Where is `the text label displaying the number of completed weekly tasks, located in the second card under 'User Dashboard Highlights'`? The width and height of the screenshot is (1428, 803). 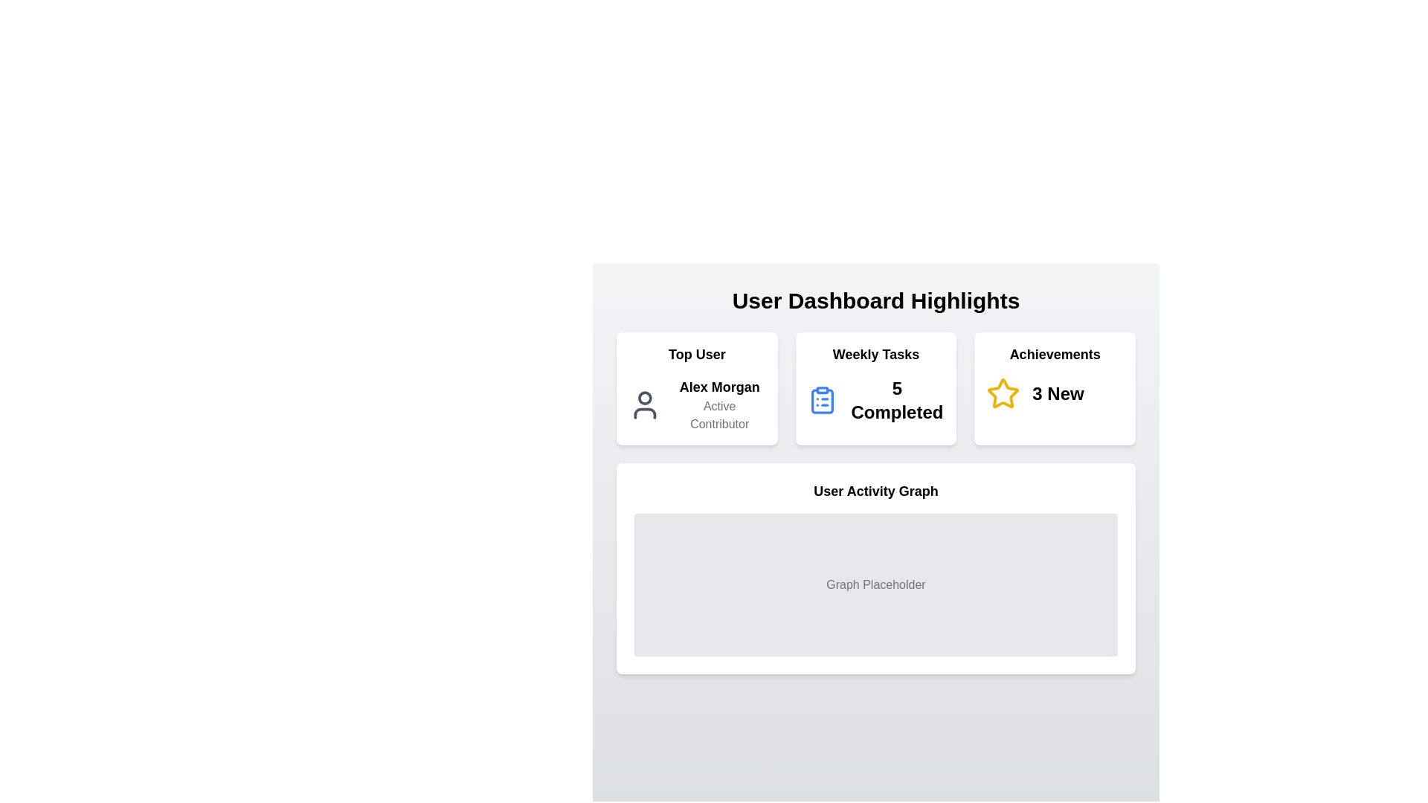
the text label displaying the number of completed weekly tasks, located in the second card under 'User Dashboard Highlights' is located at coordinates (896, 400).